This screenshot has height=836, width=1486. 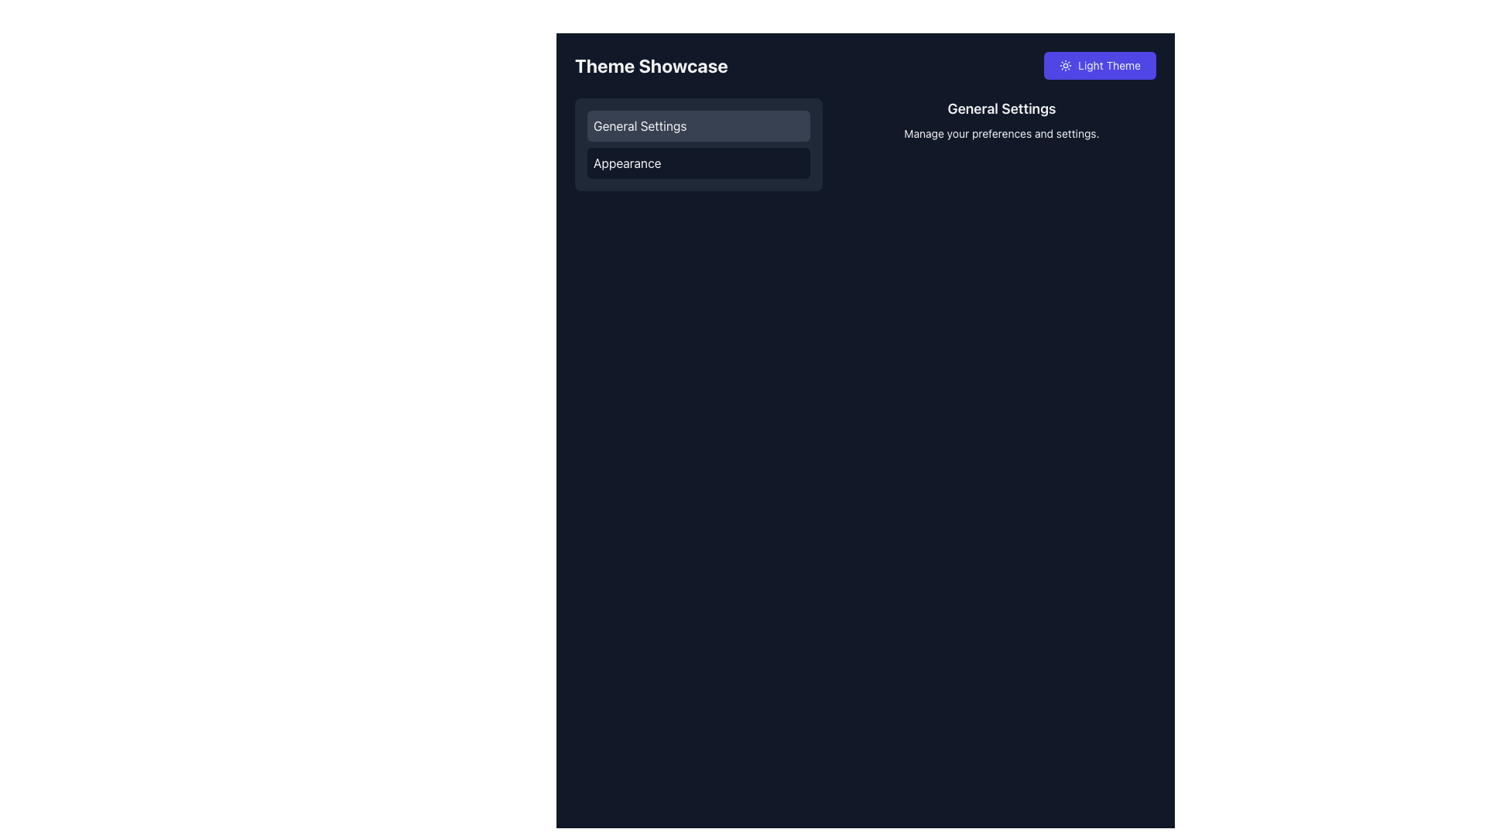 I want to click on informational text block titled 'General Settings' which contains the description 'Manage your preferences and settings.', so click(x=1002, y=144).